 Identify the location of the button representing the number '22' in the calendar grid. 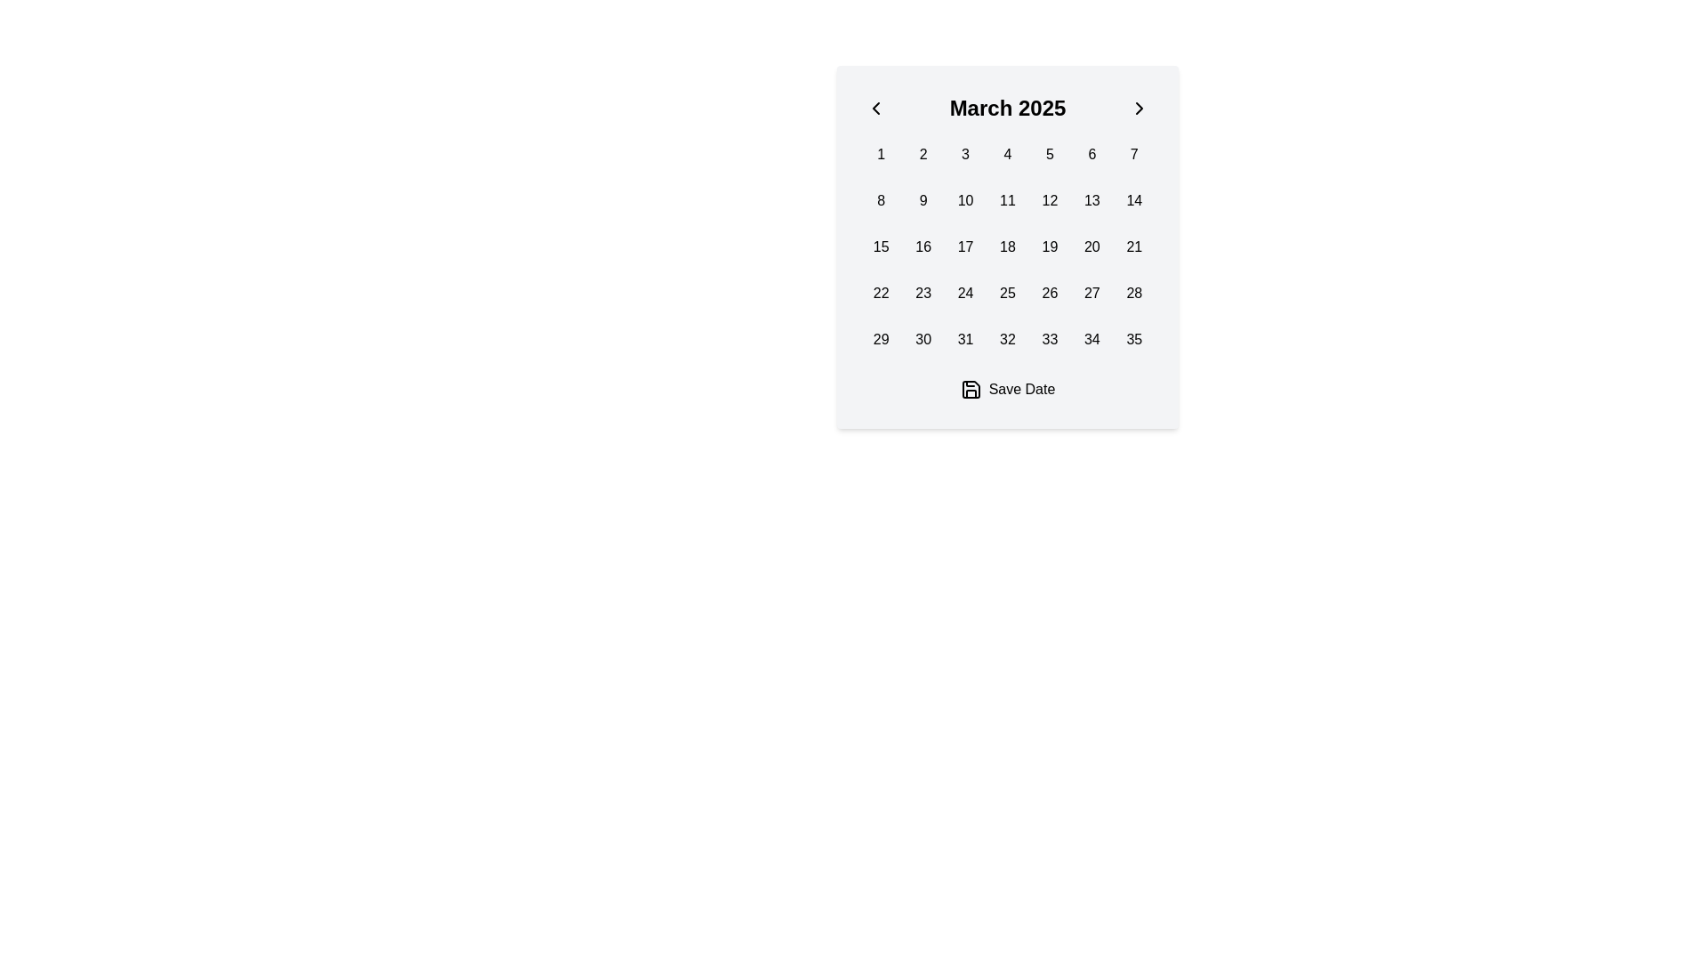
(881, 293).